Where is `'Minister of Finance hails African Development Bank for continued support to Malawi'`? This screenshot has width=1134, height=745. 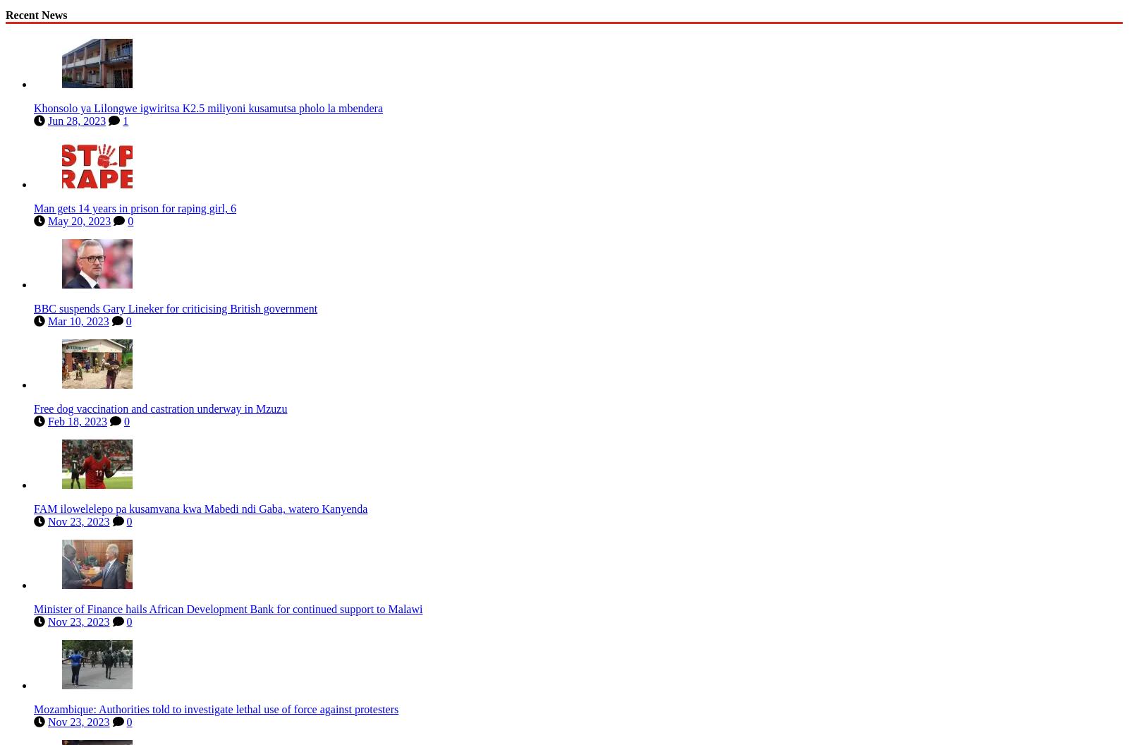 'Minister of Finance hails African Development Bank for continued support to Malawi' is located at coordinates (227, 605).